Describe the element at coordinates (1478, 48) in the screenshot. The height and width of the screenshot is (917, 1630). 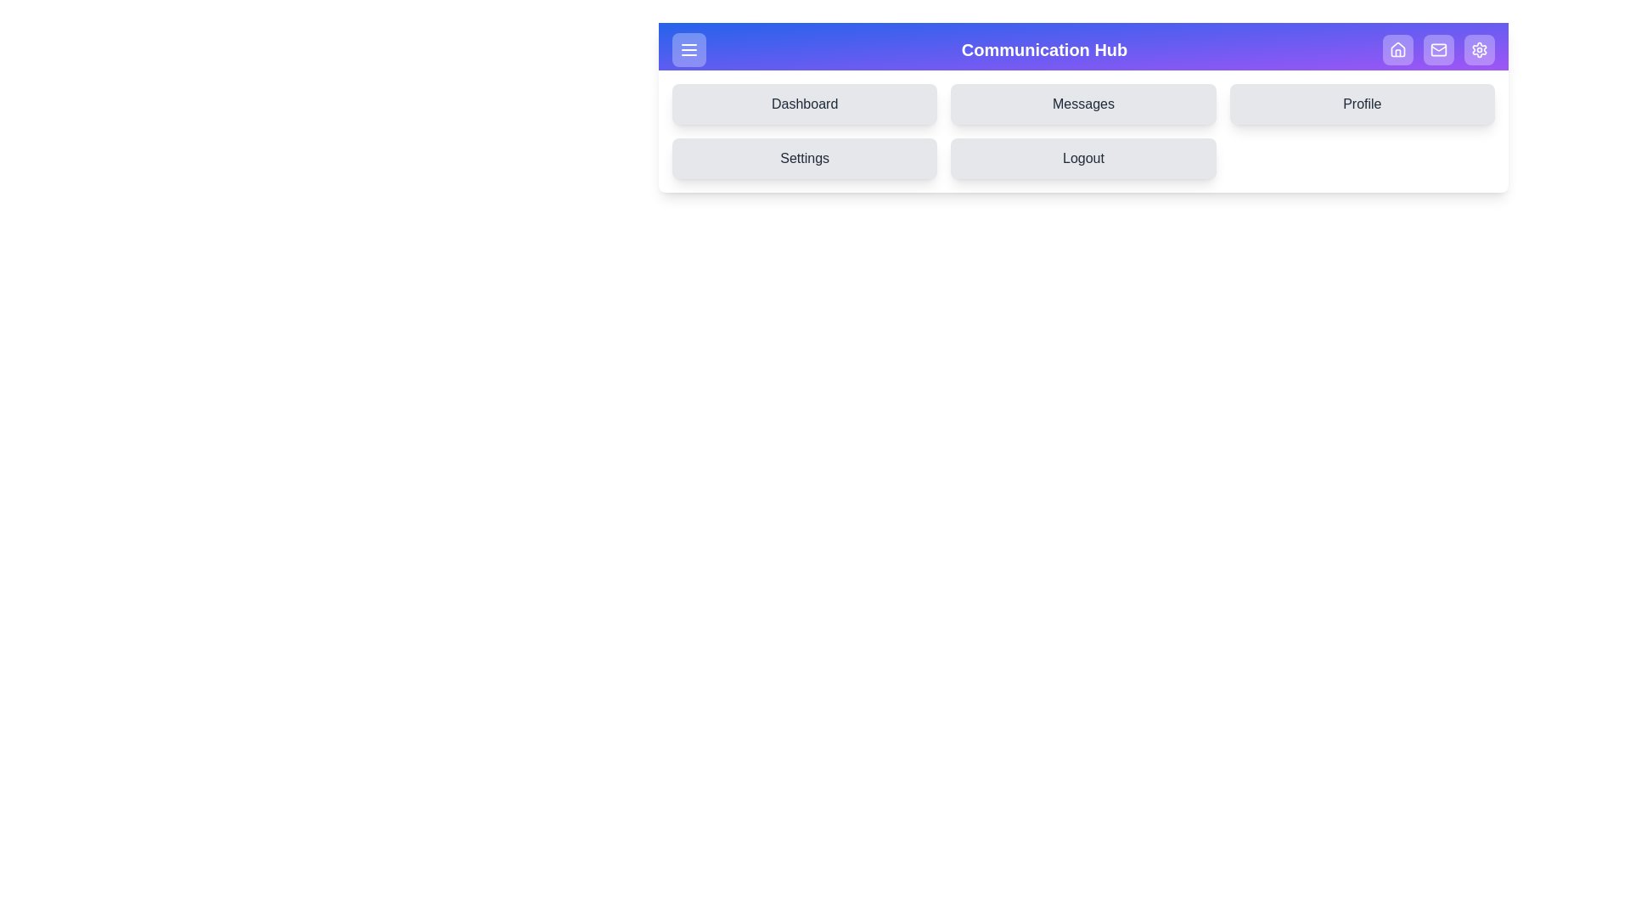
I see `the Settings icon in the top-right of the app bar` at that location.